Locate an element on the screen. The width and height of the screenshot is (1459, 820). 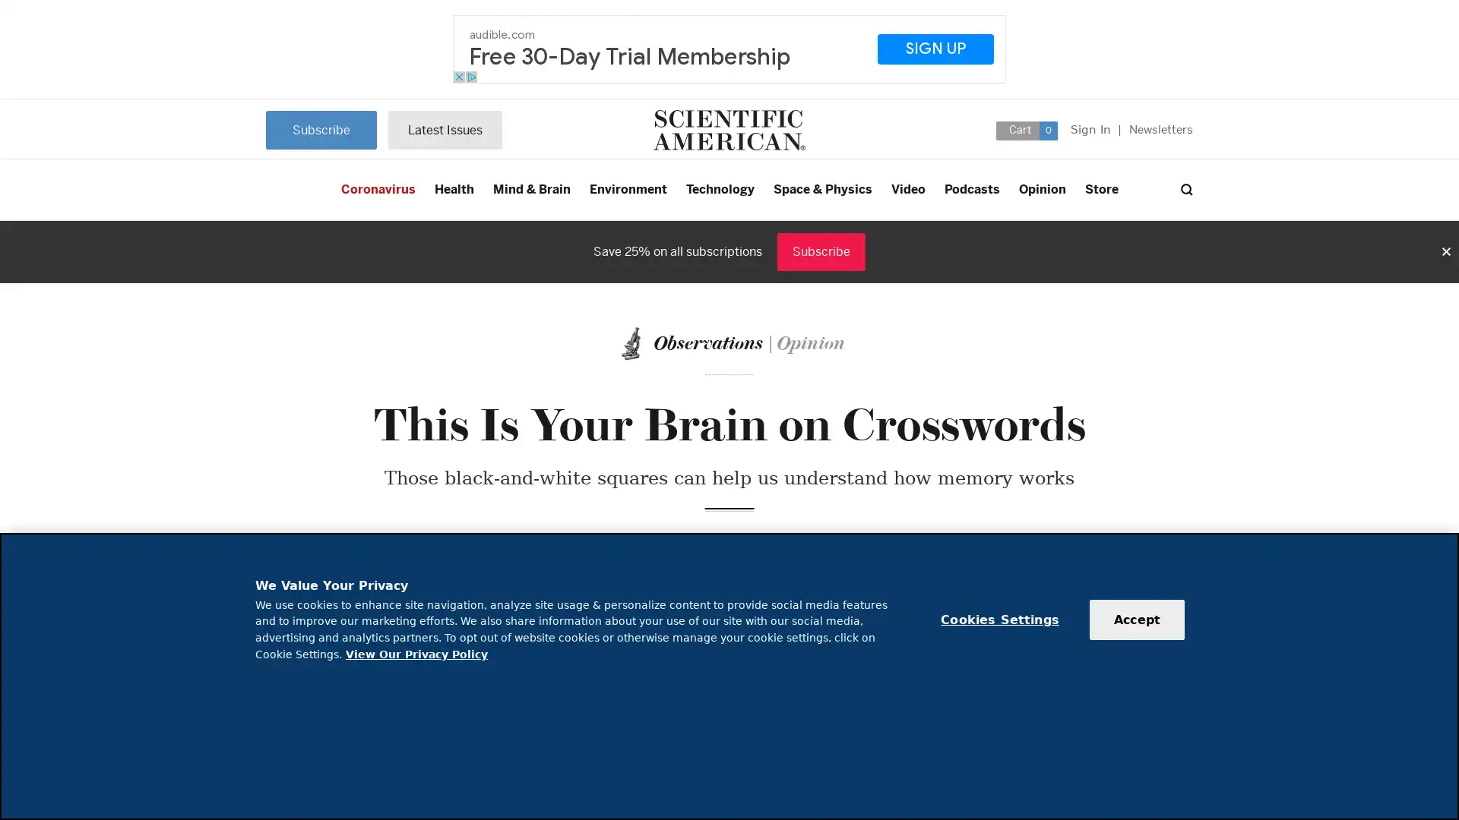
Subscribe is located at coordinates (820, 251).